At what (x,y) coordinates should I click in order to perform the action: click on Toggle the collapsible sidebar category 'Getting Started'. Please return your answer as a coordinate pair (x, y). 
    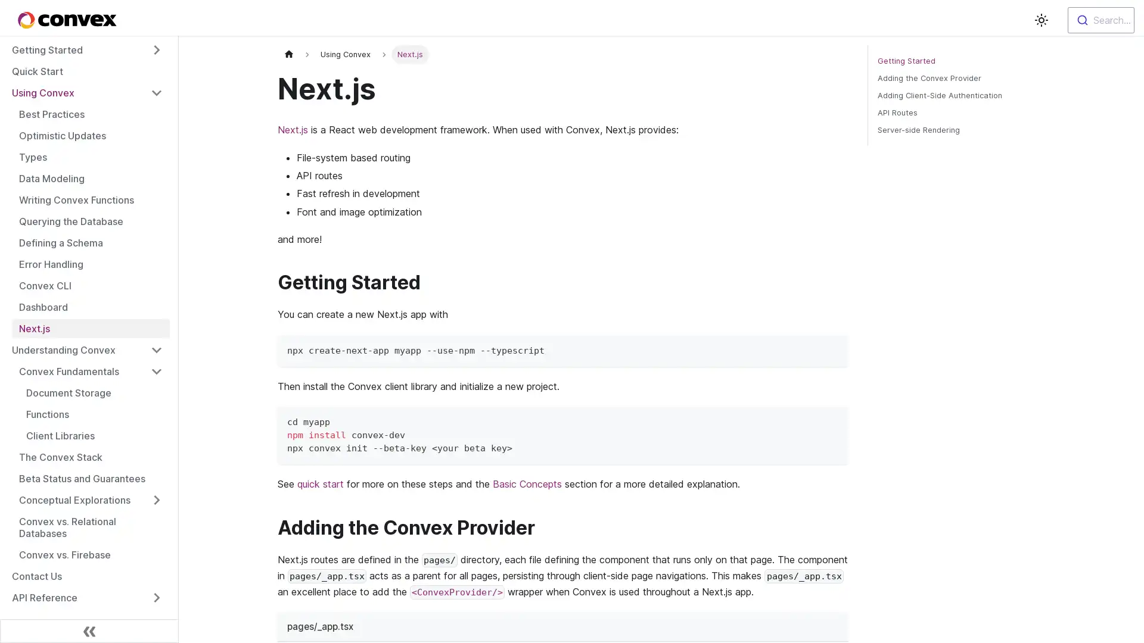
    Looking at the image, I should click on (156, 49).